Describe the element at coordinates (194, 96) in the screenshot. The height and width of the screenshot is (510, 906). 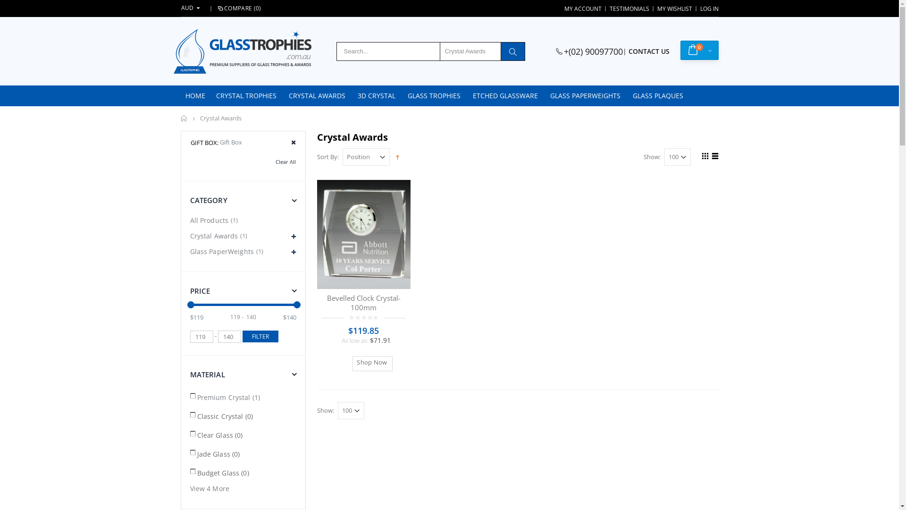
I see `'HOME'` at that location.